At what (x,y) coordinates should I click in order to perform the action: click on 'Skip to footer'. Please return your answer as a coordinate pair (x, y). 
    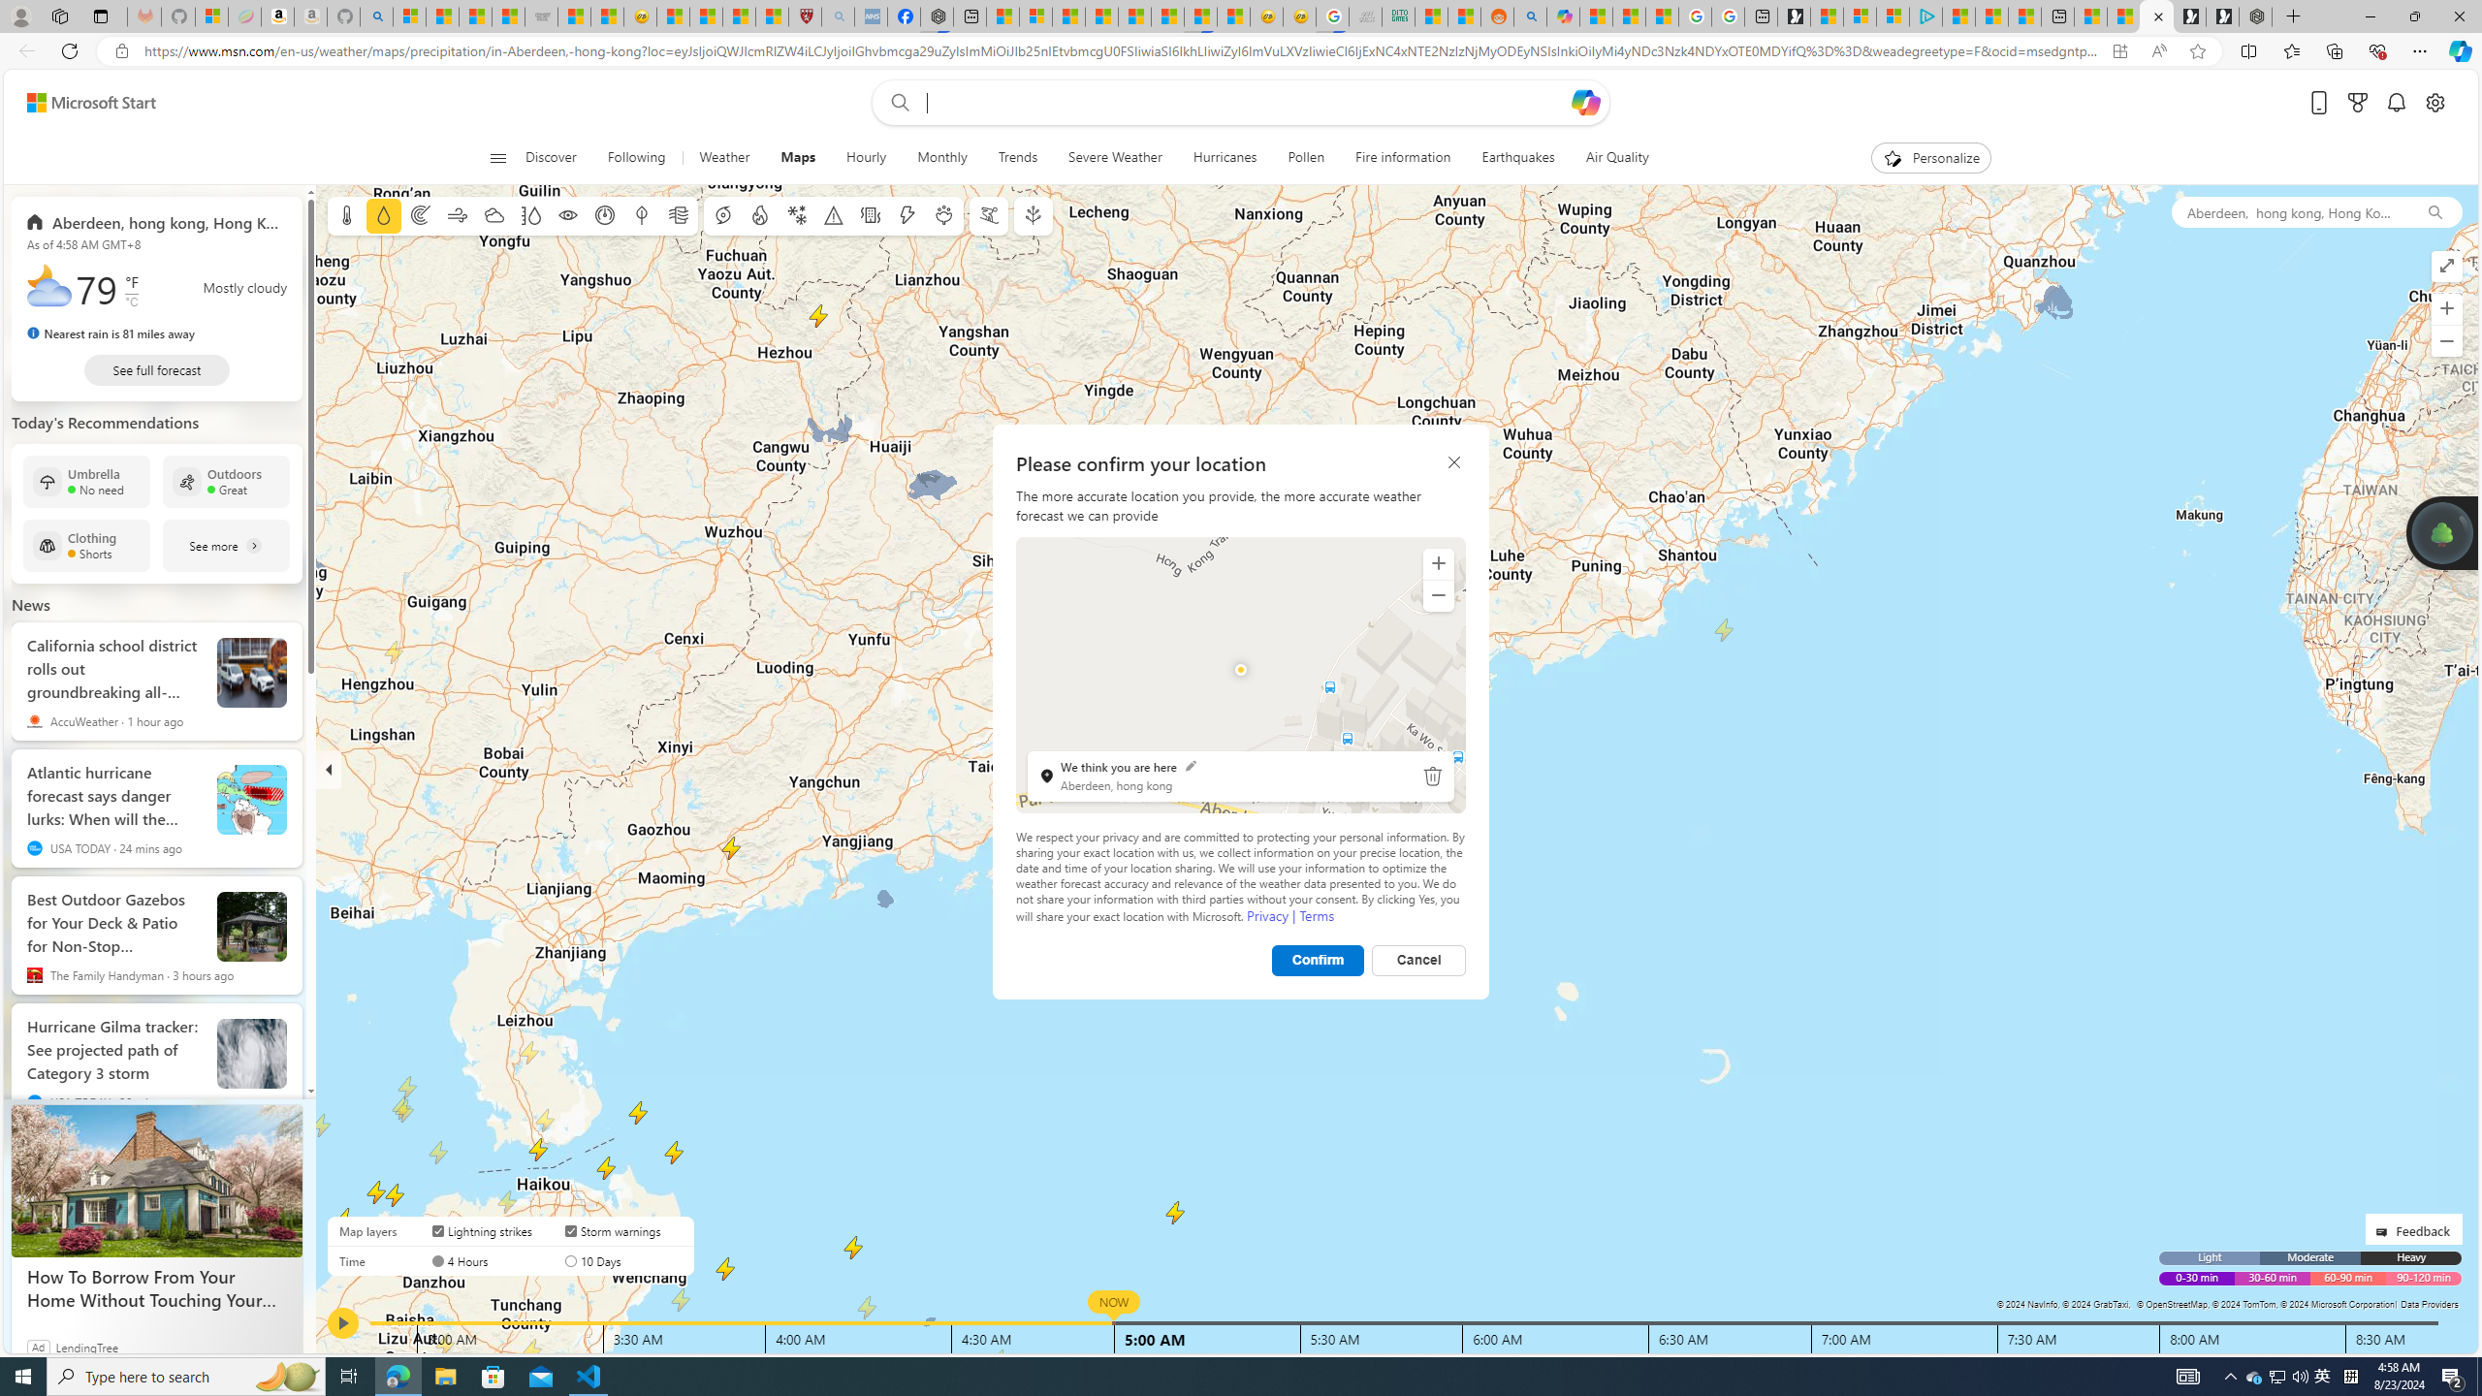
    Looking at the image, I should click on (79, 101).